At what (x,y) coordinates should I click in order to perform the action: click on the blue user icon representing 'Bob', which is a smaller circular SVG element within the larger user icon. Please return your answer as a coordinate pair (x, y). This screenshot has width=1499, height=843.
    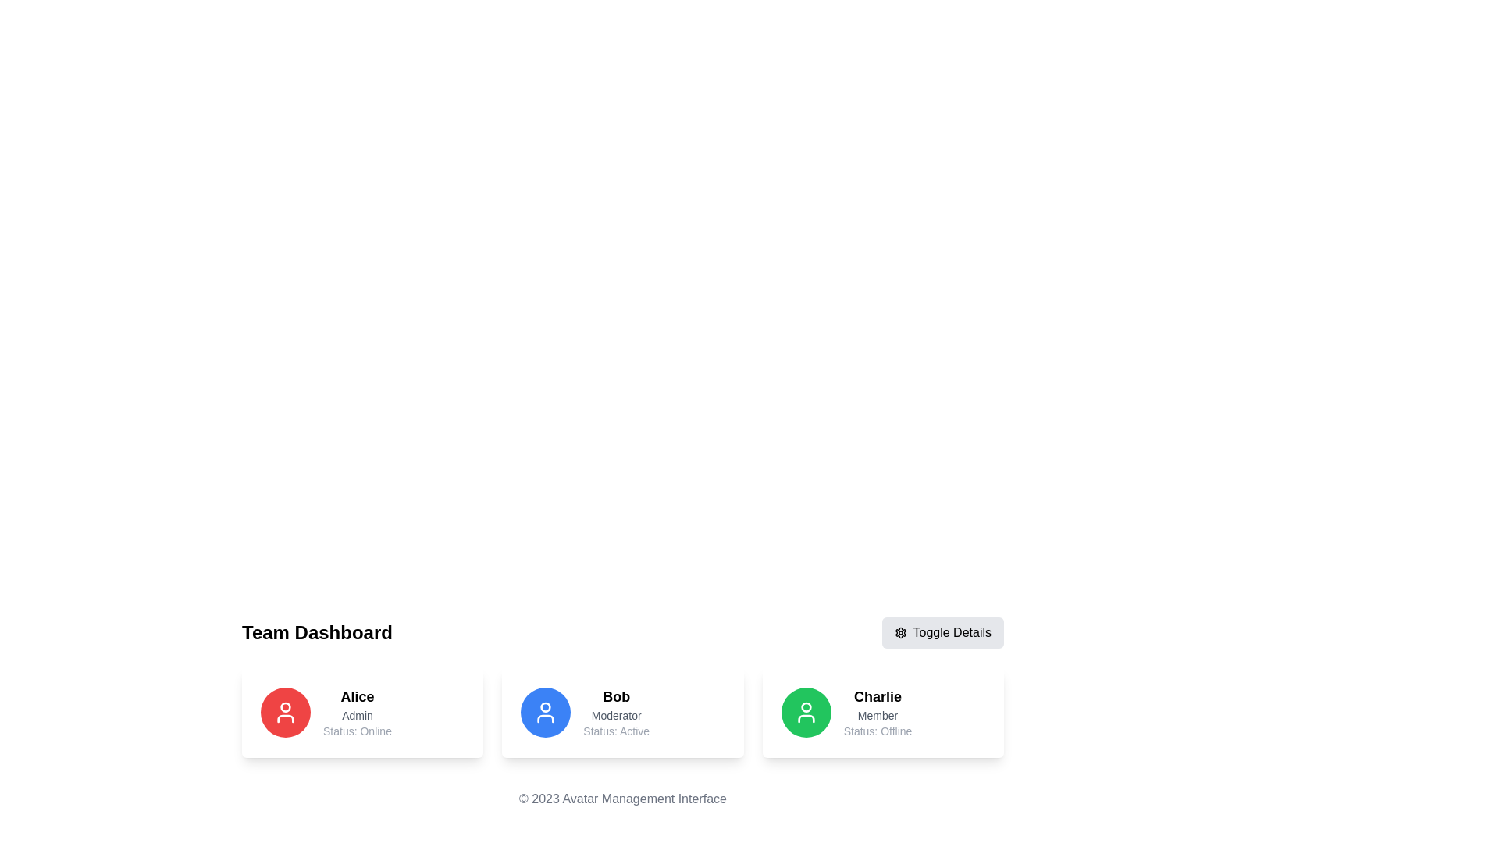
    Looking at the image, I should click on (546, 707).